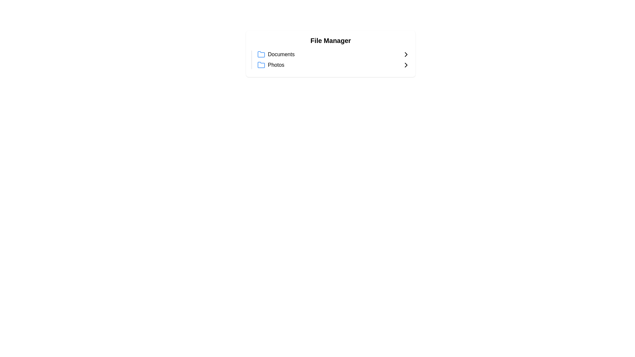 The image size is (635, 357). I want to click on the 'Documents' folder icon, which is the first icon in the document list located at the top, so click(261, 54).